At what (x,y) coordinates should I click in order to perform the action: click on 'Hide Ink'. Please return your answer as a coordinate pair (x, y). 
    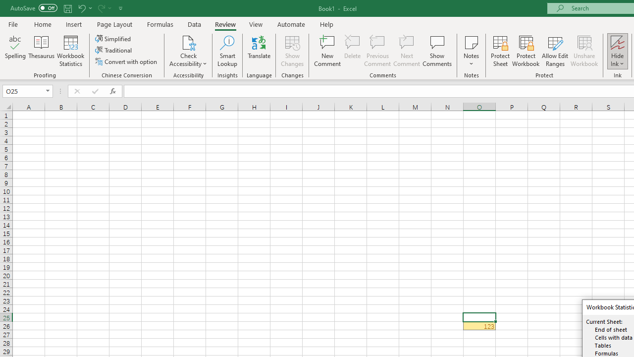
    Looking at the image, I should click on (617, 51).